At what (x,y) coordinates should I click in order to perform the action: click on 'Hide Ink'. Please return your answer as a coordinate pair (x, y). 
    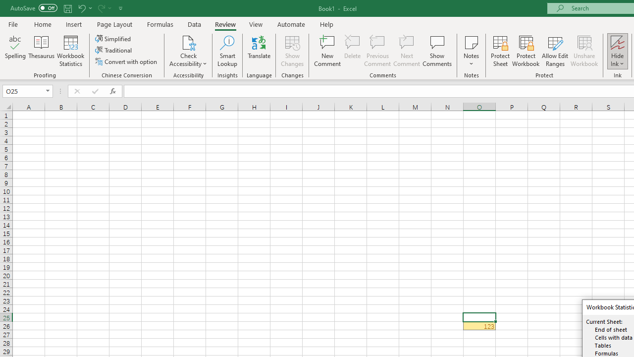
    Looking at the image, I should click on (617, 51).